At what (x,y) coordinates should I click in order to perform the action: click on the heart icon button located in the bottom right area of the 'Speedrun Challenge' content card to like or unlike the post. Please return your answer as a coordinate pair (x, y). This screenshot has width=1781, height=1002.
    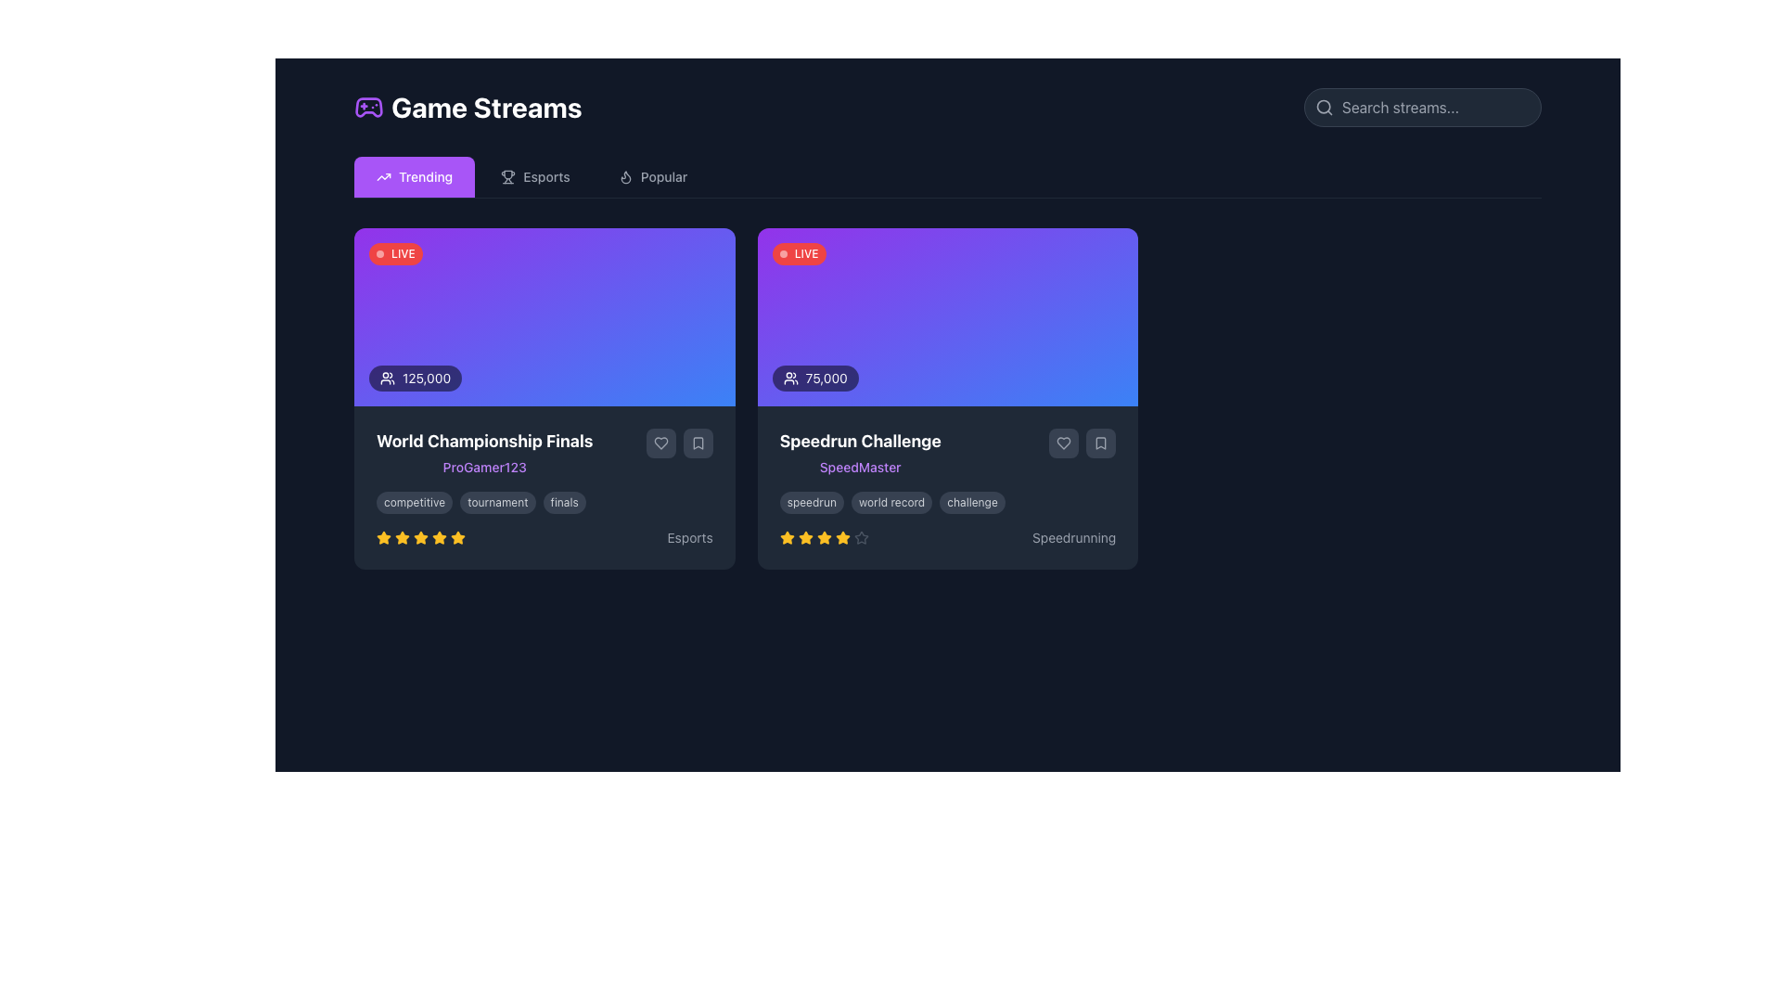
    Looking at the image, I should click on (1064, 443).